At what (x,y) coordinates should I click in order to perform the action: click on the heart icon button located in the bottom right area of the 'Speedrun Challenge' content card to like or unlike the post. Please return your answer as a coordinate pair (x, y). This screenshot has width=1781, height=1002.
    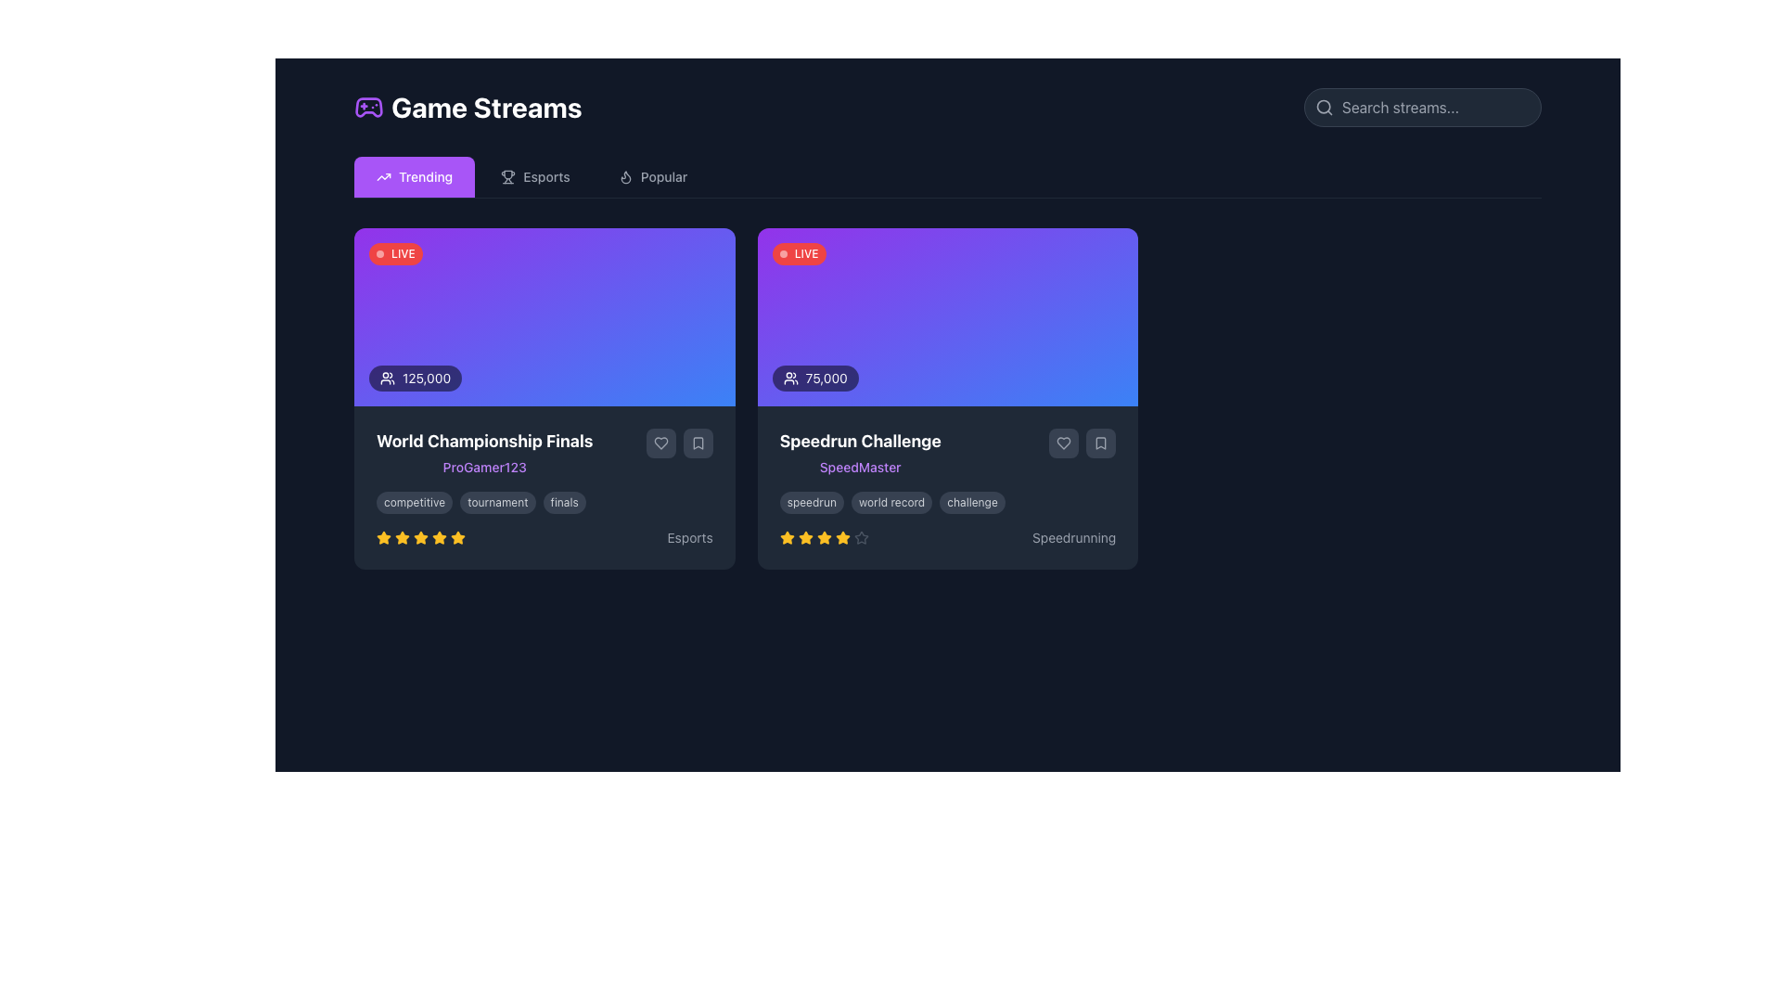
    Looking at the image, I should click on (1064, 443).